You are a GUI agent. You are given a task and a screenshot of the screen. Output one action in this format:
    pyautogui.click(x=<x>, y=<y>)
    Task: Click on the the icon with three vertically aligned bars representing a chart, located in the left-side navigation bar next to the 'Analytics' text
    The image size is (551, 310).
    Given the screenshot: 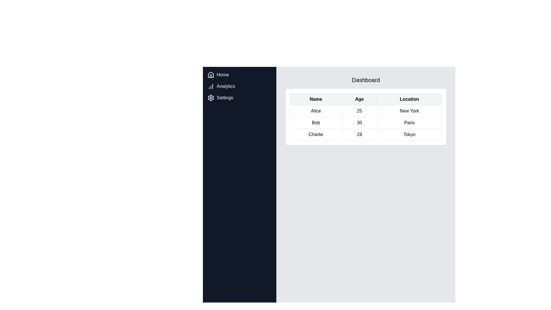 What is the action you would take?
    pyautogui.click(x=210, y=86)
    